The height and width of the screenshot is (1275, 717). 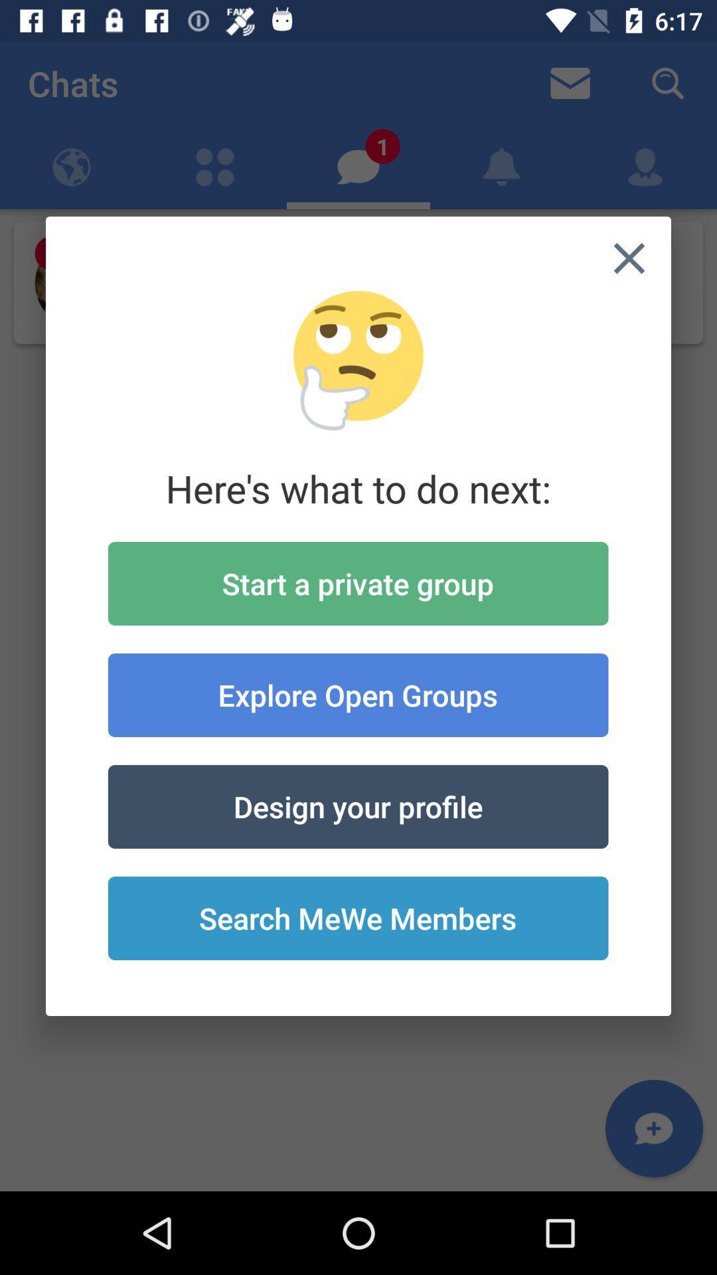 I want to click on the icon at the bottom, so click(x=357, y=917).